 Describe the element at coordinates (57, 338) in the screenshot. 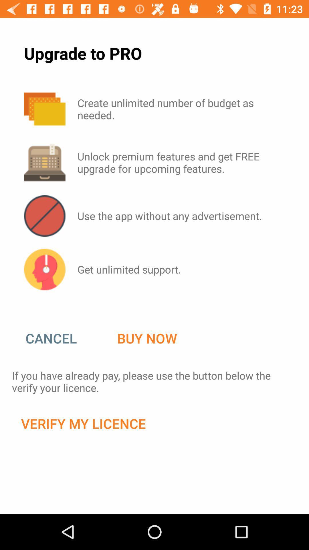

I see `item next to buy now icon` at that location.